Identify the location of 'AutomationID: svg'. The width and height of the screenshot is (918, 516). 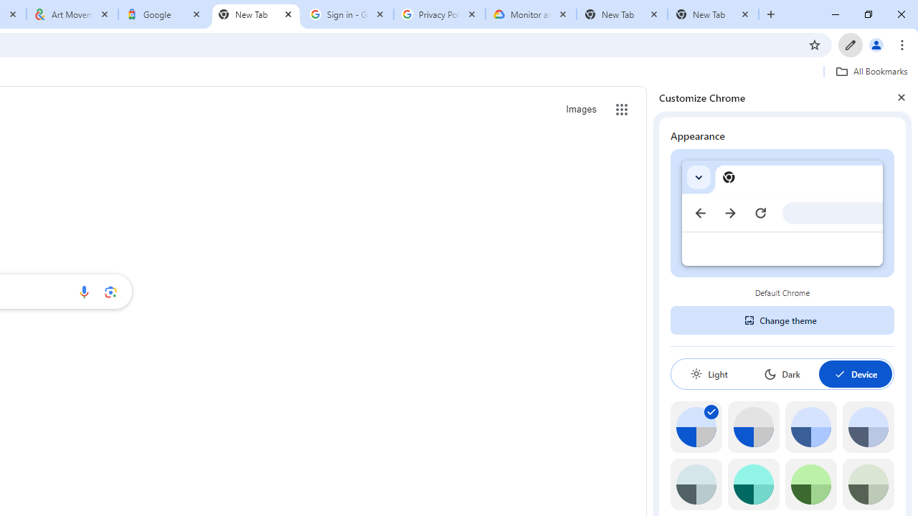
(711, 411).